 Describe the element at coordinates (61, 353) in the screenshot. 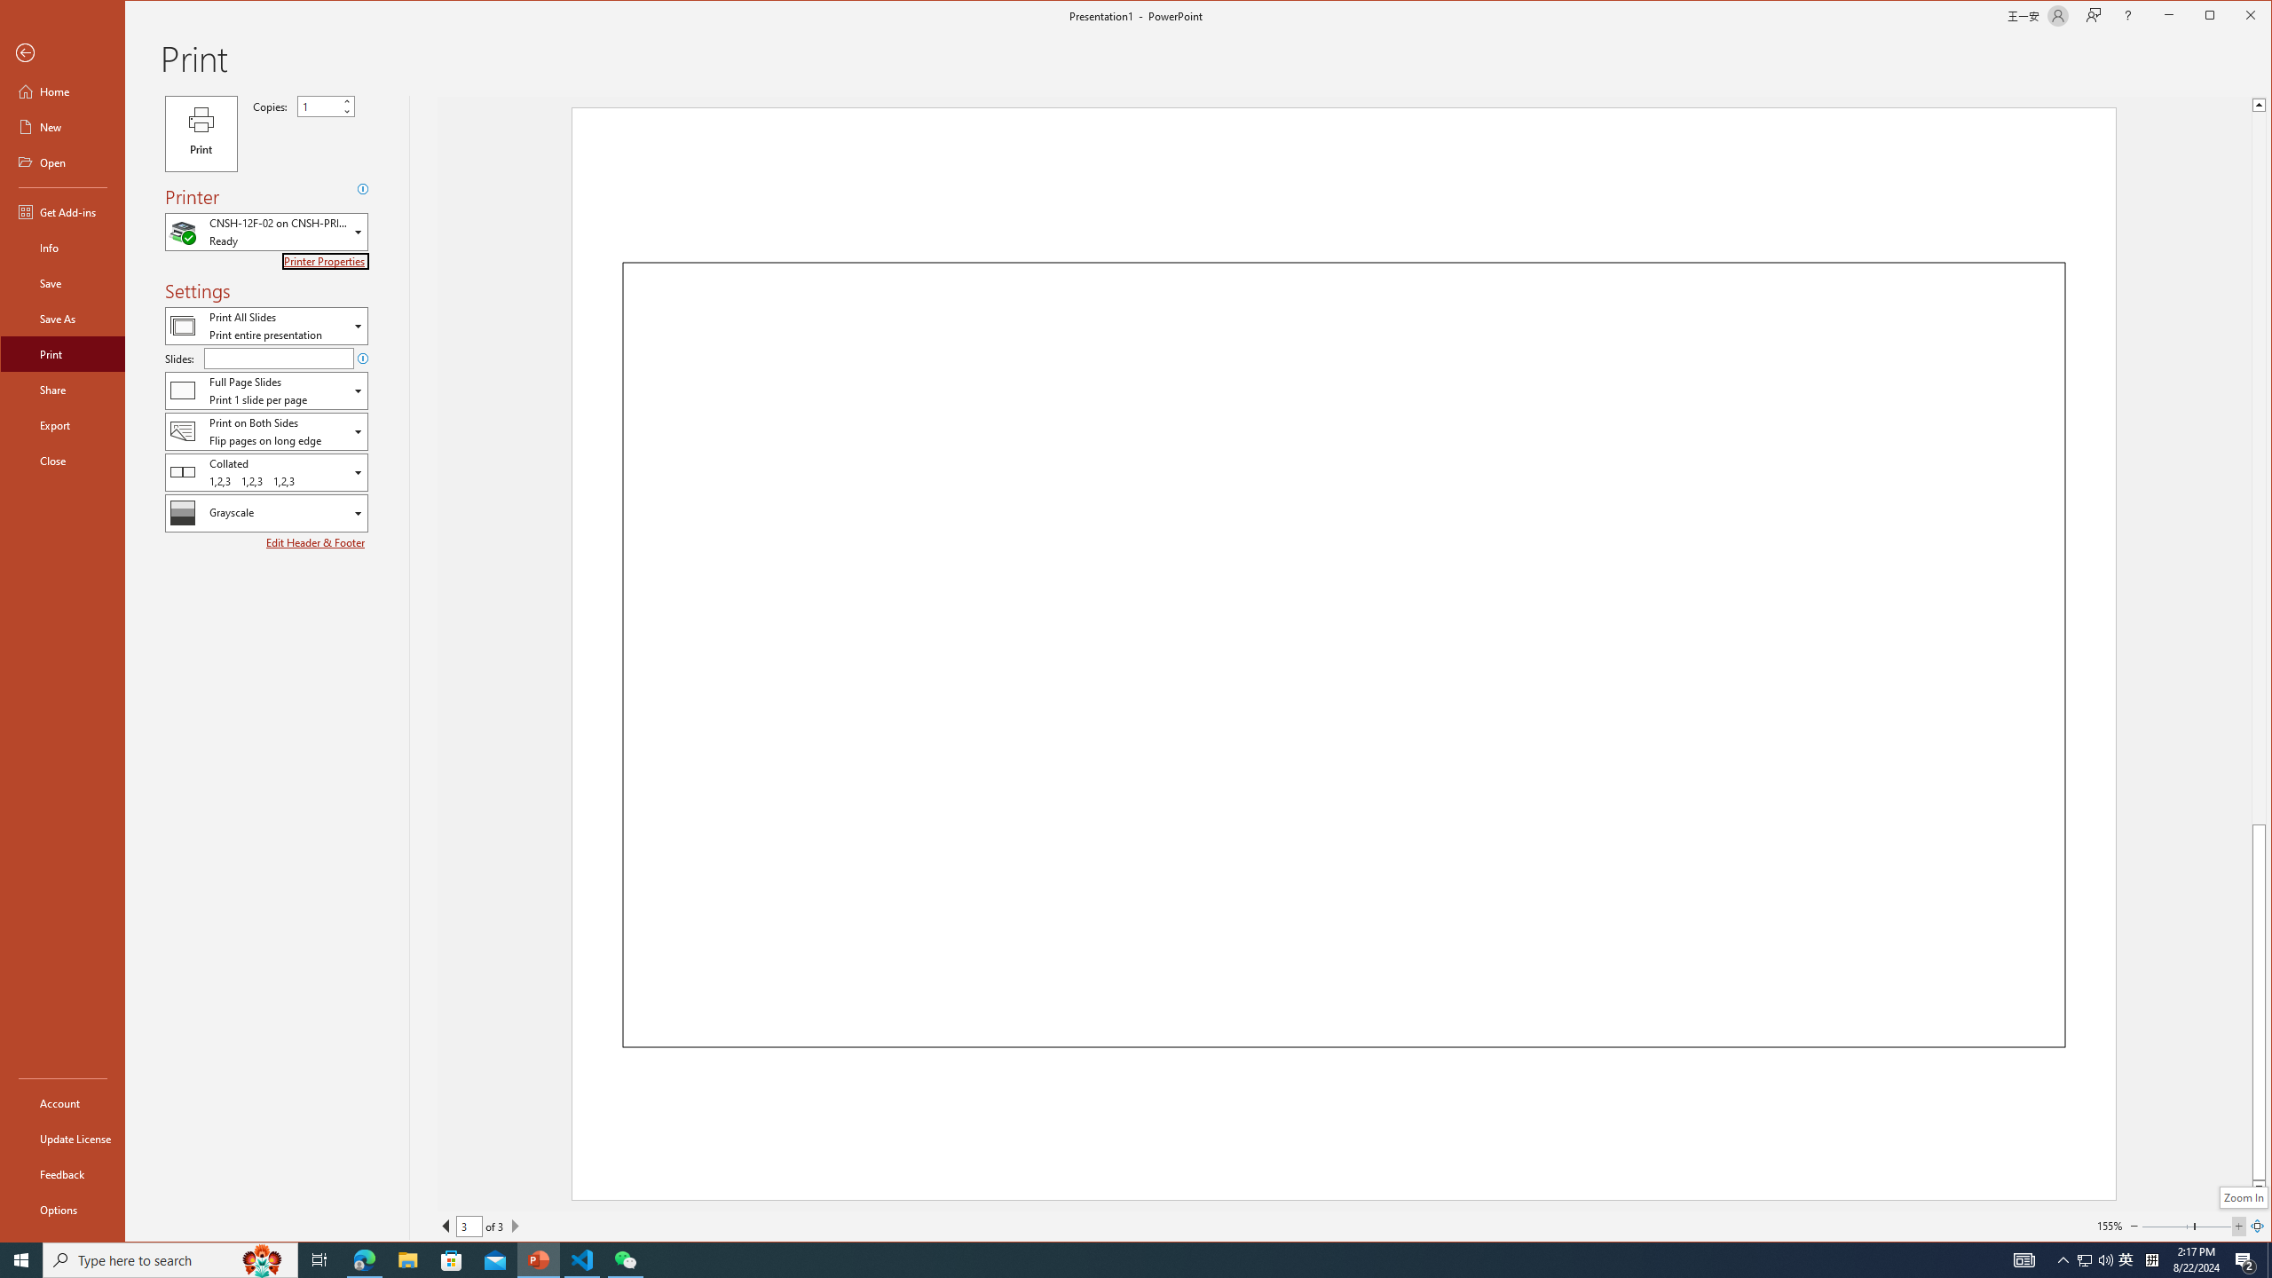

I see `'Print'` at that location.